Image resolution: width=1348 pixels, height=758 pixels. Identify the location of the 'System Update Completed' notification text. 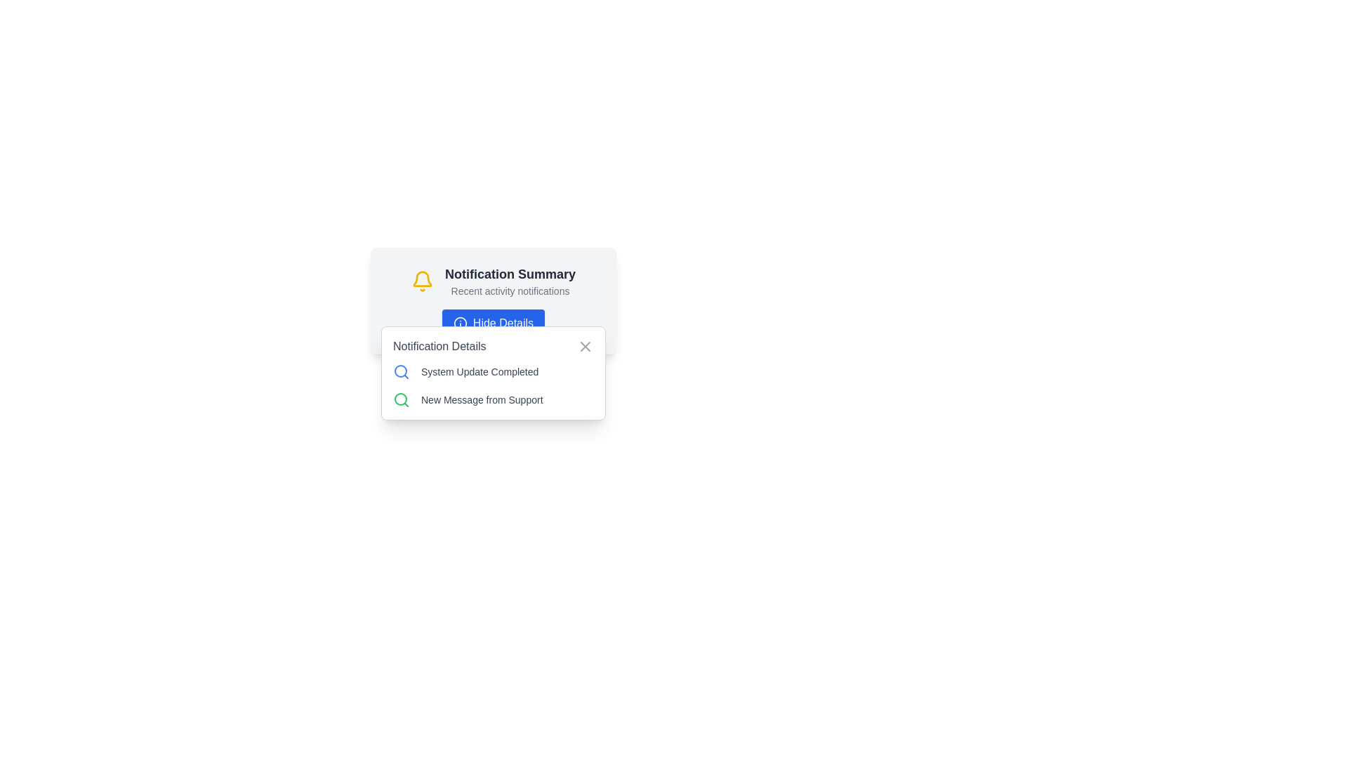
(493, 371).